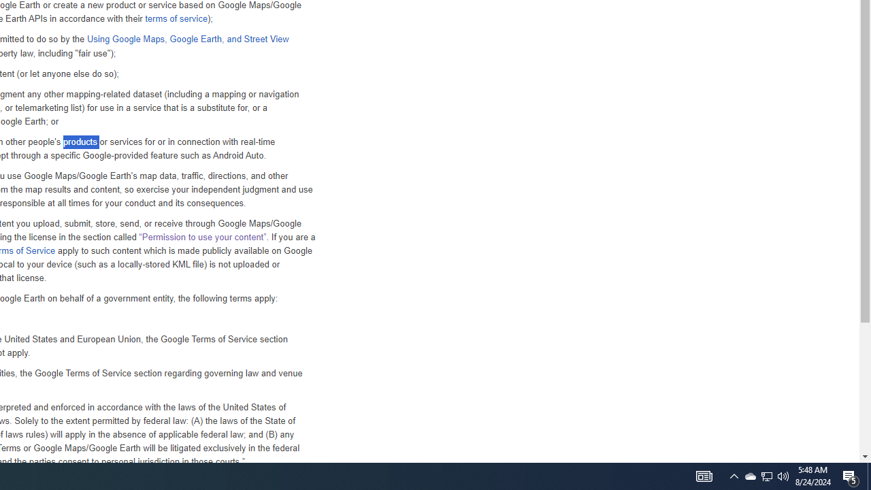  Describe the element at coordinates (175, 19) in the screenshot. I see `'terms of service'` at that location.